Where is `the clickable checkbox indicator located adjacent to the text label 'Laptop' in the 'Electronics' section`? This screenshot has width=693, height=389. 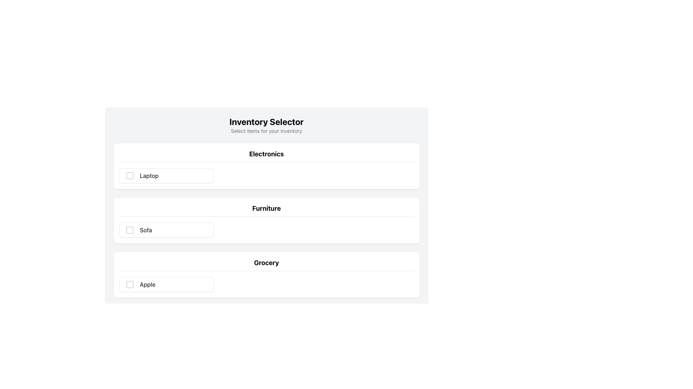
the clickable checkbox indicator located adjacent to the text label 'Laptop' in the 'Electronics' section is located at coordinates (130, 176).